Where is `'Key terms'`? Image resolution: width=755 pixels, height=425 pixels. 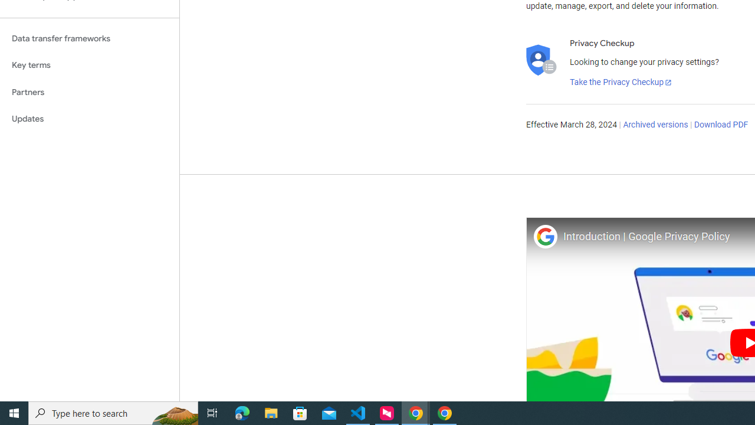
'Key terms' is located at coordinates (89, 65).